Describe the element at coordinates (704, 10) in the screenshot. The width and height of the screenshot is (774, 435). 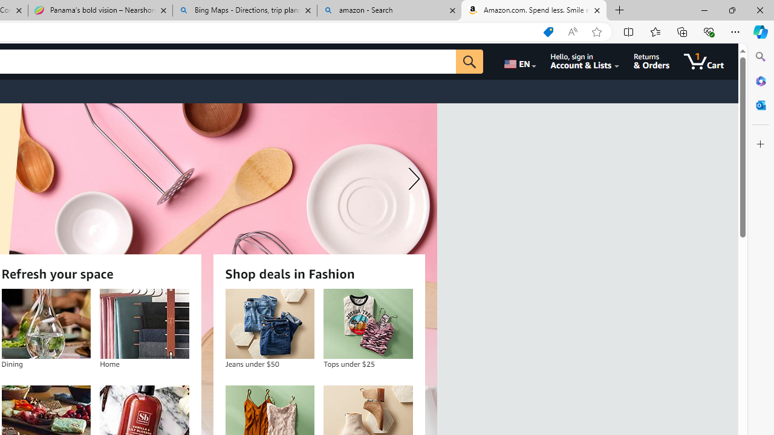
I see `'Minimize'` at that location.